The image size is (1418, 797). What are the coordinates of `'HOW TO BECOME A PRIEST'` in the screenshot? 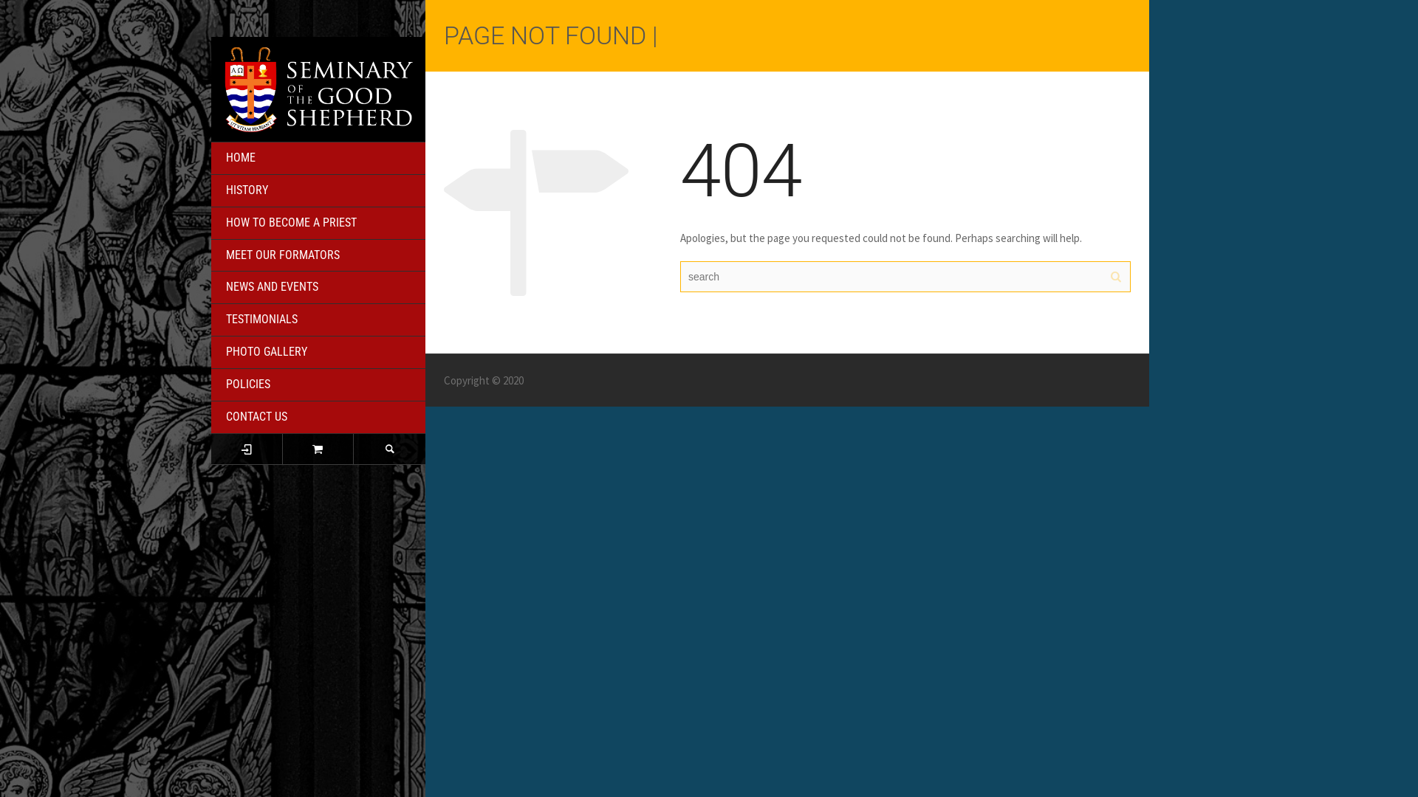 It's located at (318, 224).